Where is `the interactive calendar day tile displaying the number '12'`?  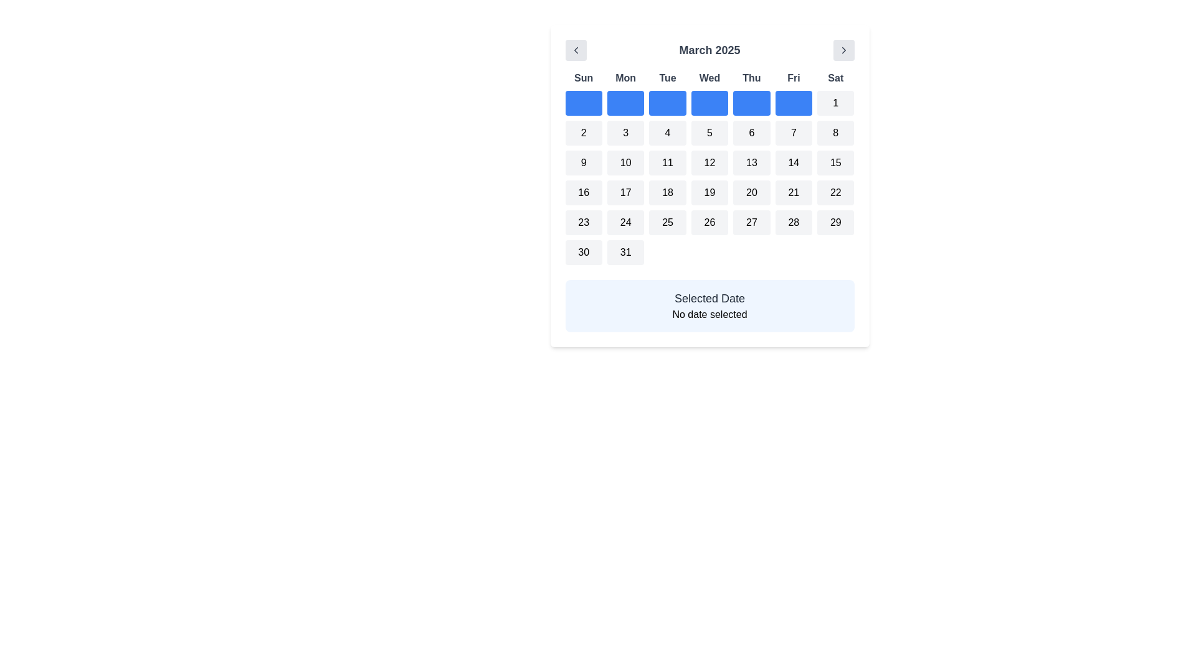
the interactive calendar day tile displaying the number '12' is located at coordinates (710, 162).